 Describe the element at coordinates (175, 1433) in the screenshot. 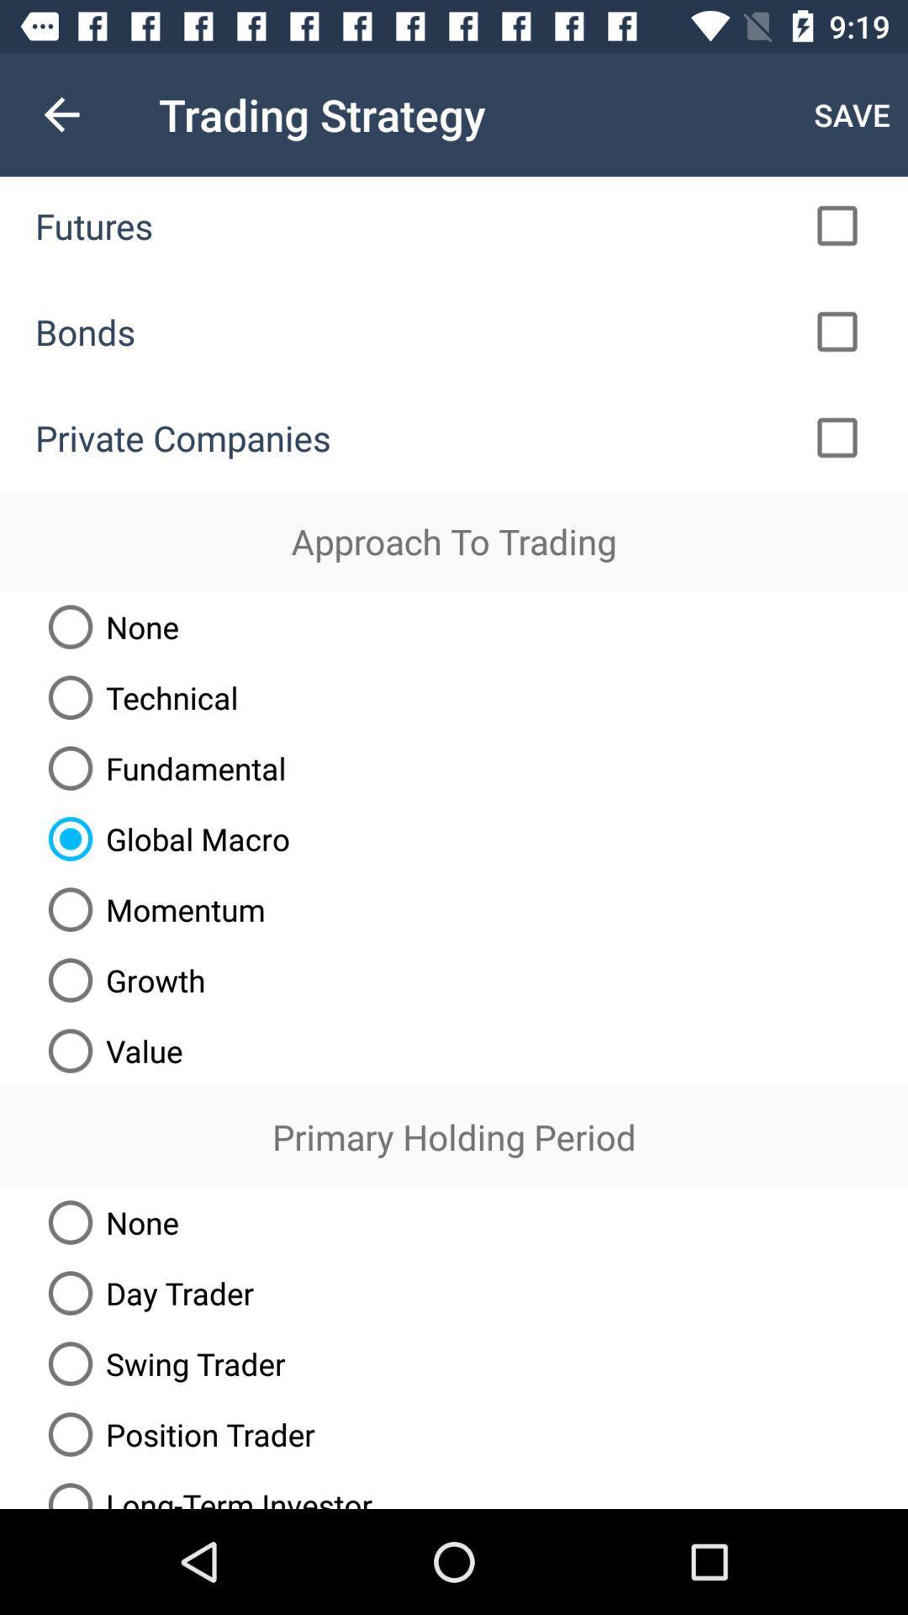

I see `radio button below swing trader` at that location.